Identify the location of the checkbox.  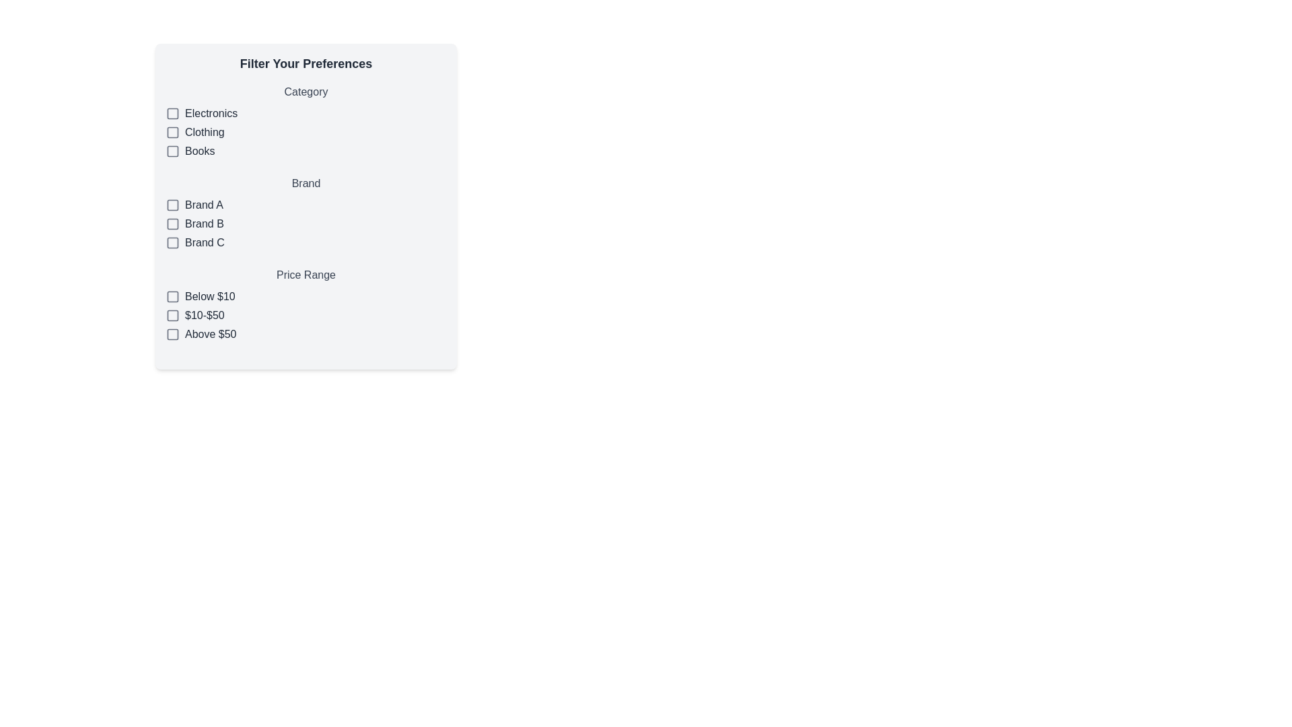
(172, 334).